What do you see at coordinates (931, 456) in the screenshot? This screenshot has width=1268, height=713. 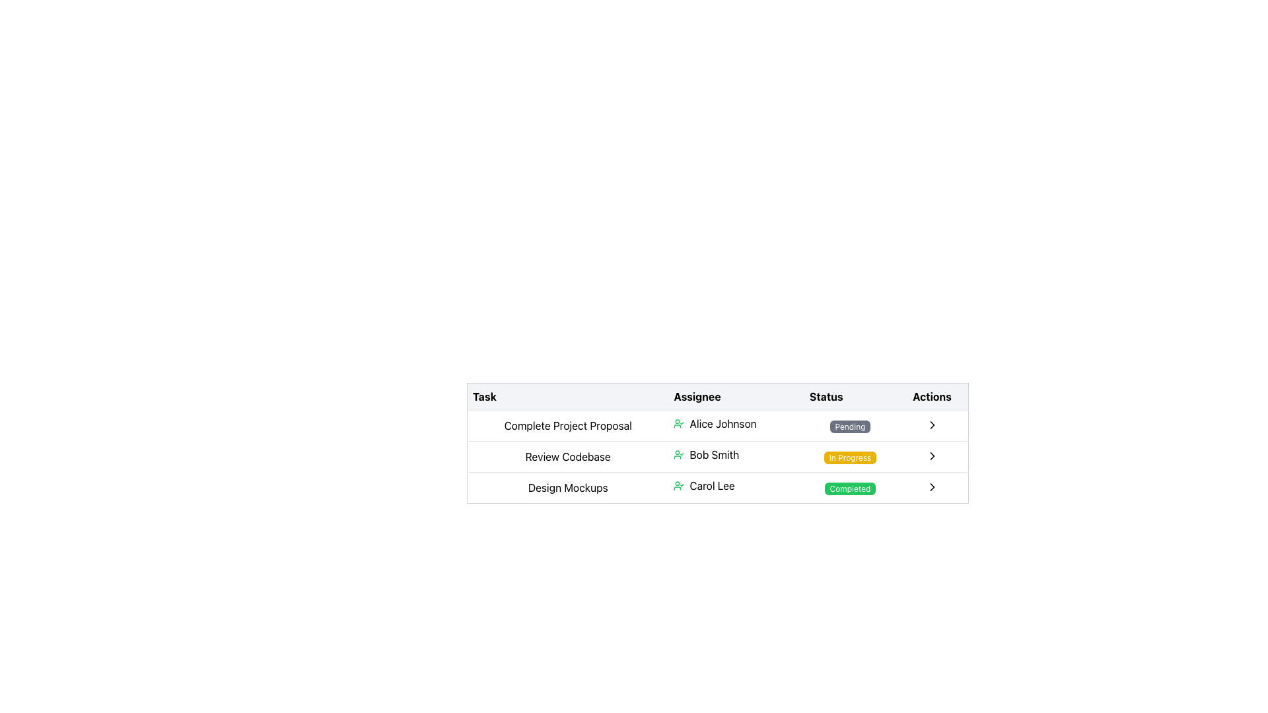 I see `the rightward-pointing chevron icon` at bounding box center [931, 456].